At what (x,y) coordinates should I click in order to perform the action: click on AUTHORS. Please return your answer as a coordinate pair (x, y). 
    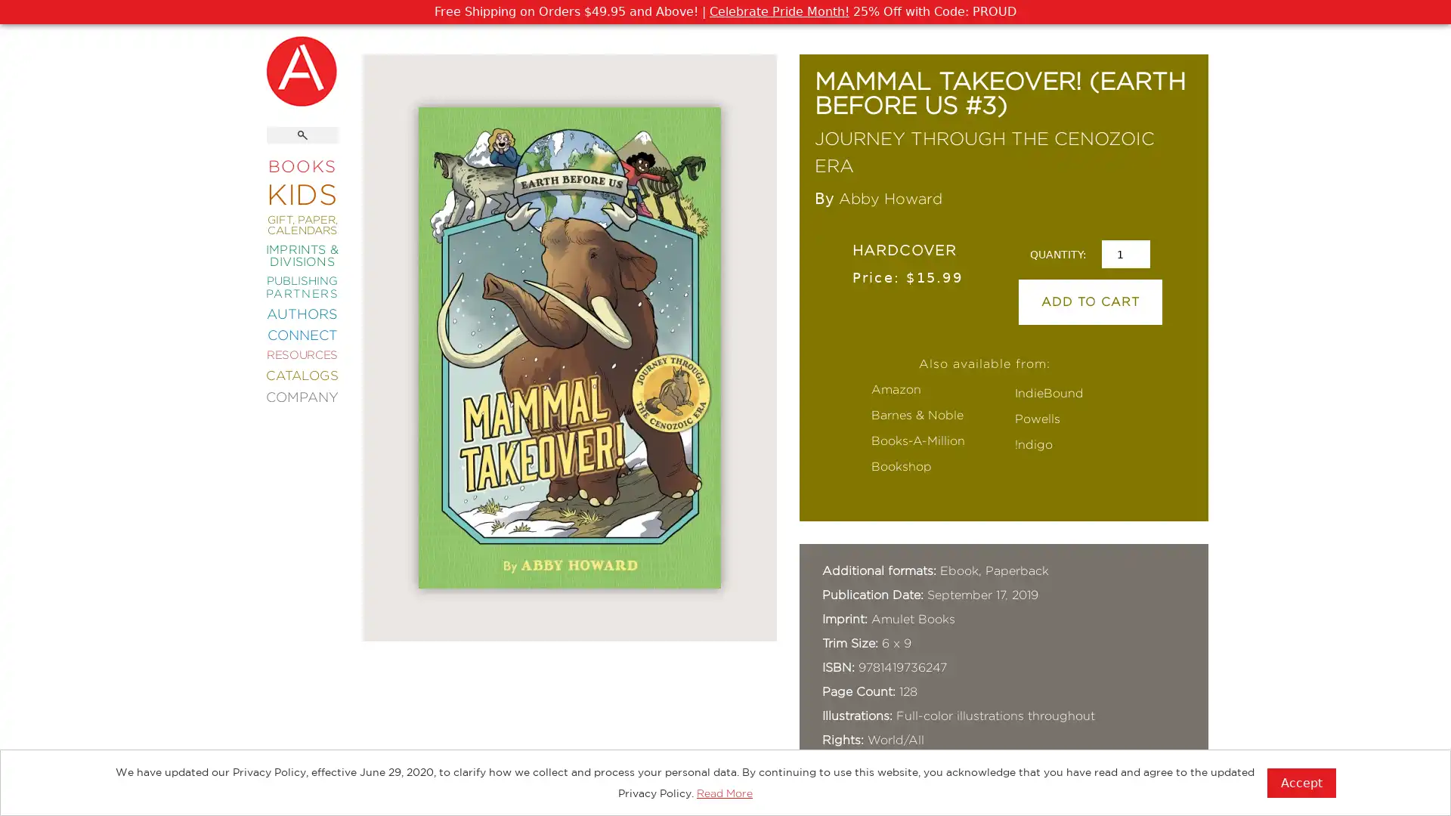
    Looking at the image, I should click on (302, 312).